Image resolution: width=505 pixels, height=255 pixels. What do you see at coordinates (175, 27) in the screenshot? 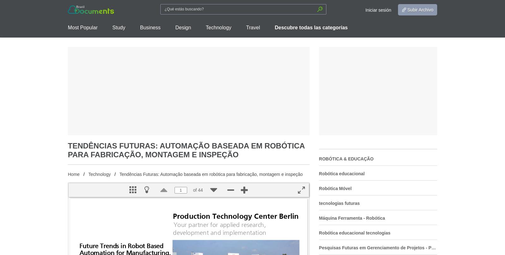
I see `'Design'` at bounding box center [175, 27].